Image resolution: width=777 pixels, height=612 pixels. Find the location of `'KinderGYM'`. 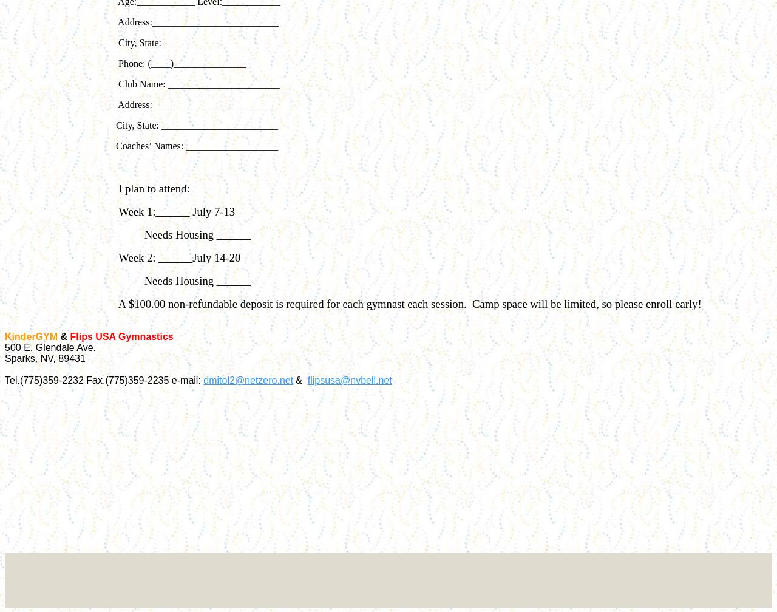

'KinderGYM' is located at coordinates (32, 336).